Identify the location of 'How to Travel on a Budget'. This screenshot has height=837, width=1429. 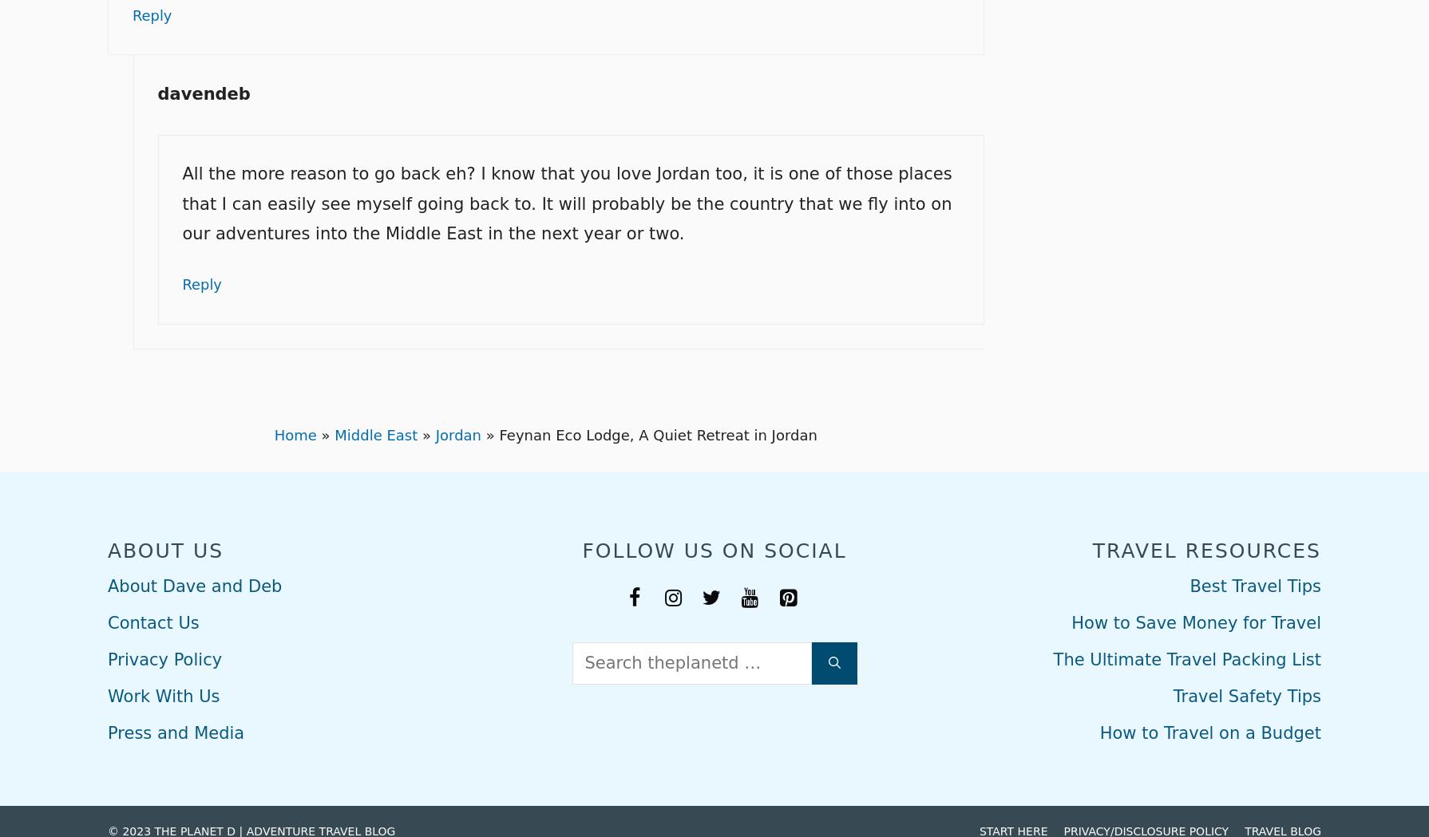
(1209, 729).